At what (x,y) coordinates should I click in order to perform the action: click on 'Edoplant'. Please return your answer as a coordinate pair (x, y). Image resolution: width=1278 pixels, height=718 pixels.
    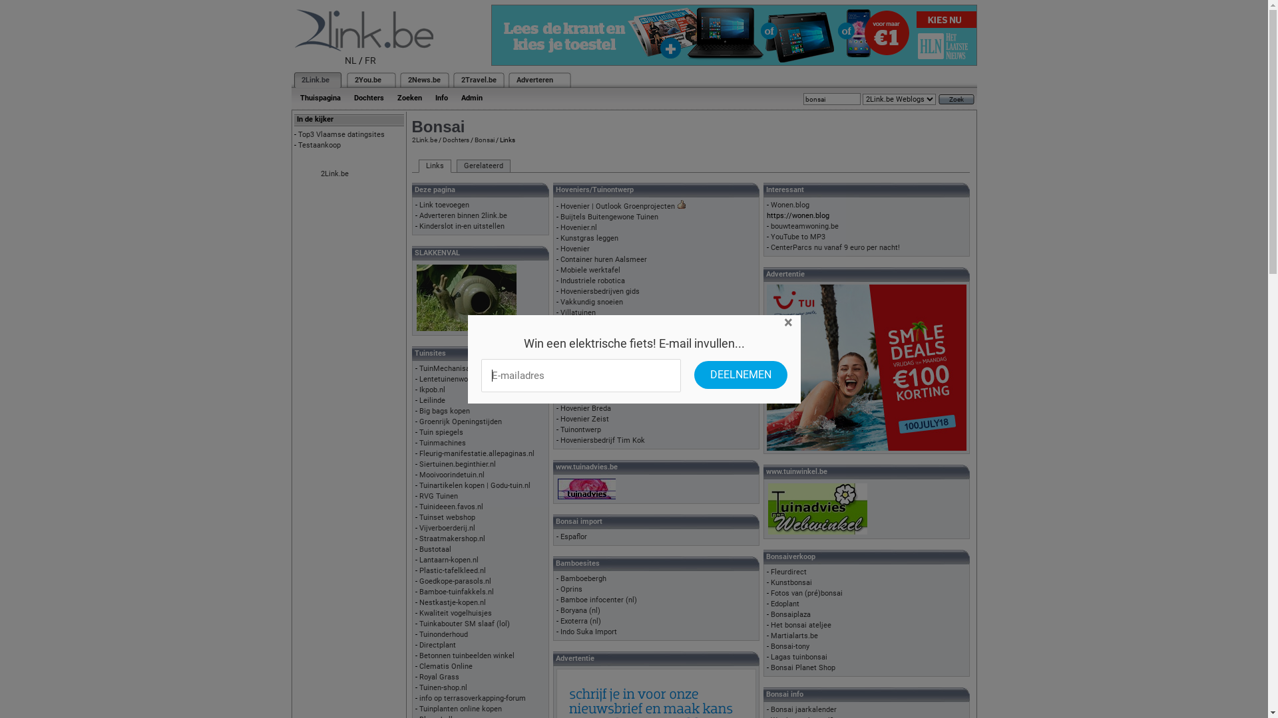
    Looking at the image, I should click on (785, 604).